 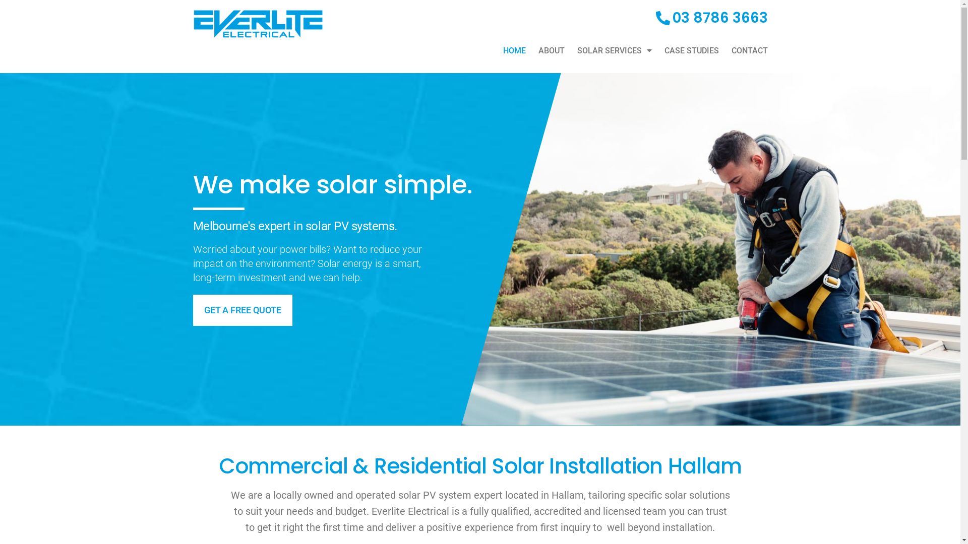 I want to click on '03 8786 3663', so click(x=711, y=18).